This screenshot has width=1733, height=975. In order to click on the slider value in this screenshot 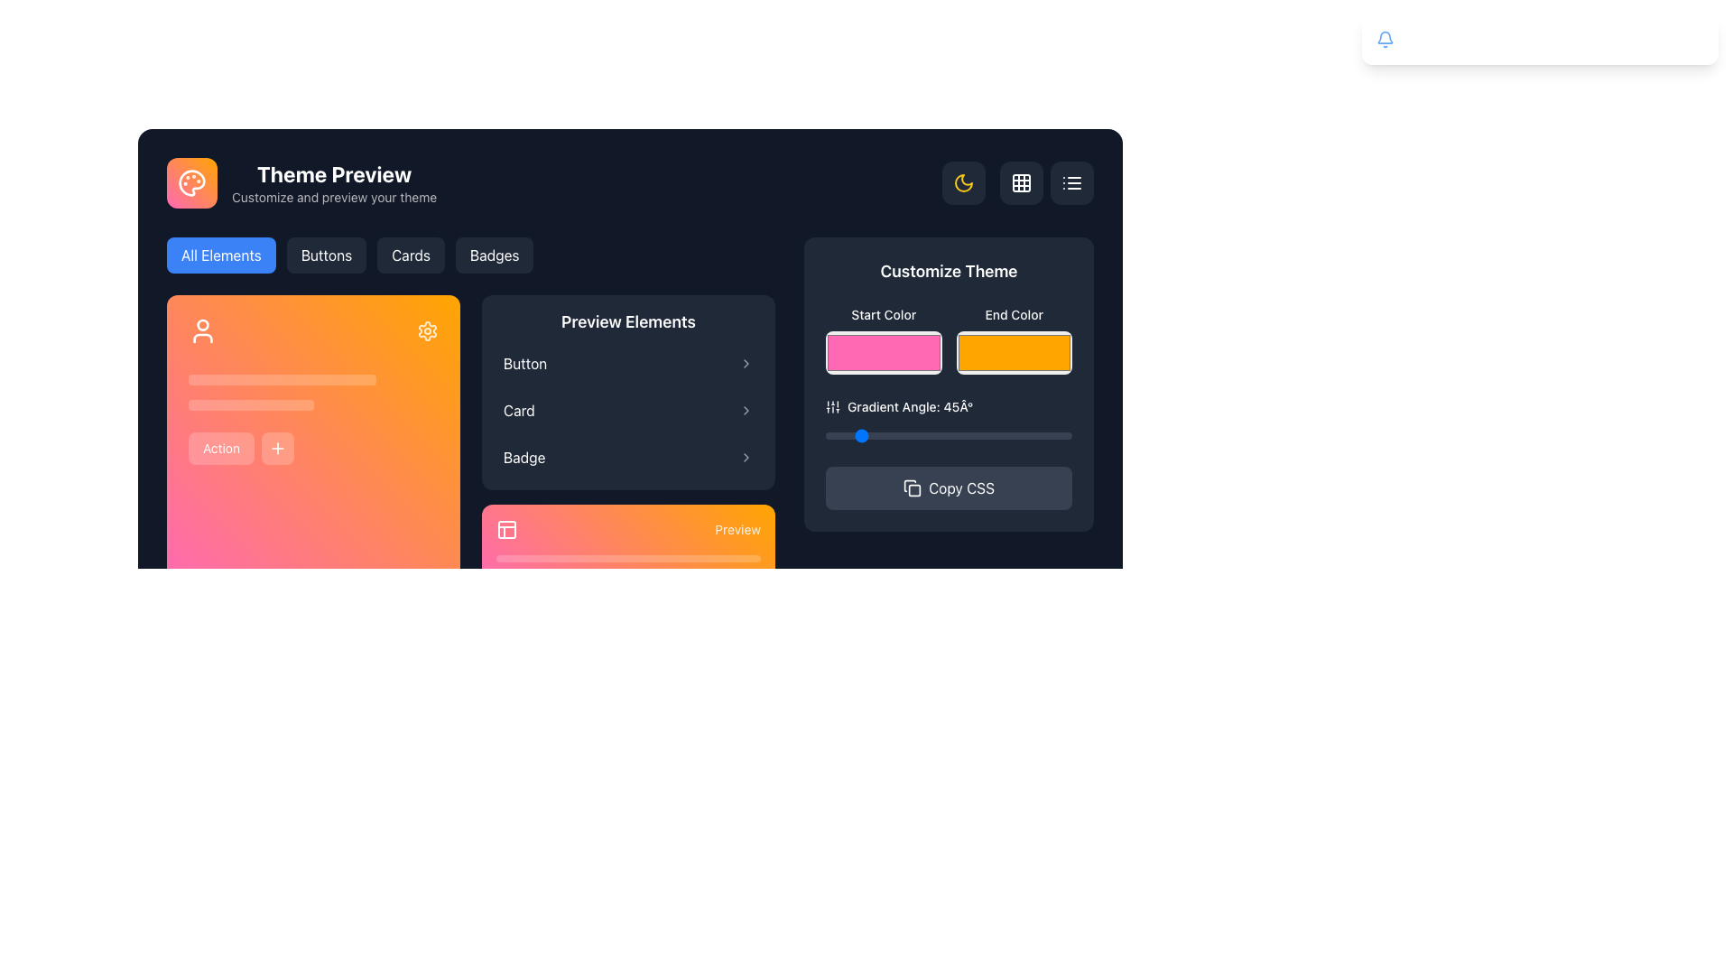, I will do `click(899, 435)`.